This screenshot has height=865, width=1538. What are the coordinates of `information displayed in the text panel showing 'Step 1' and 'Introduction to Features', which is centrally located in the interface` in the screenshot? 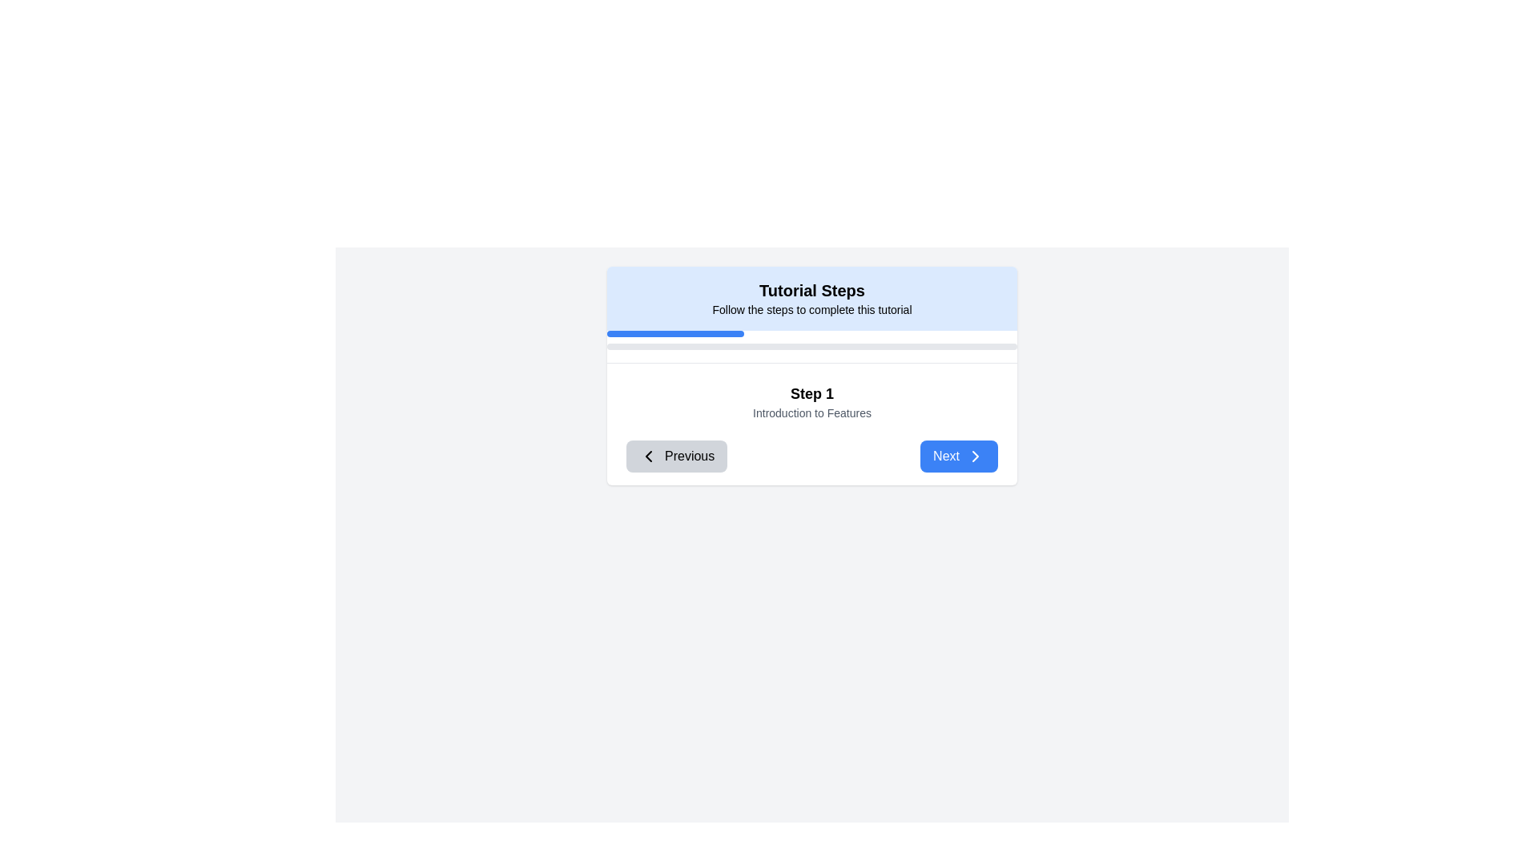 It's located at (811, 400).